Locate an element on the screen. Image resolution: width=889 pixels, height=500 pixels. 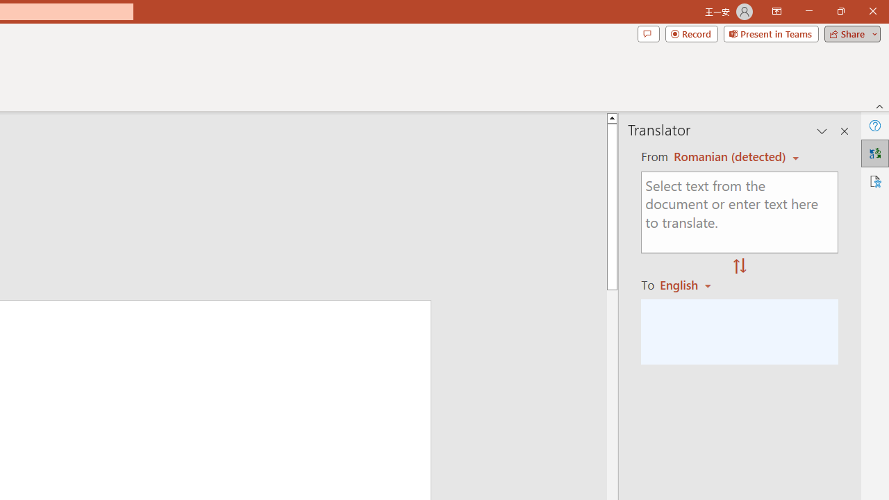
'Romanian' is located at coordinates (690, 284).